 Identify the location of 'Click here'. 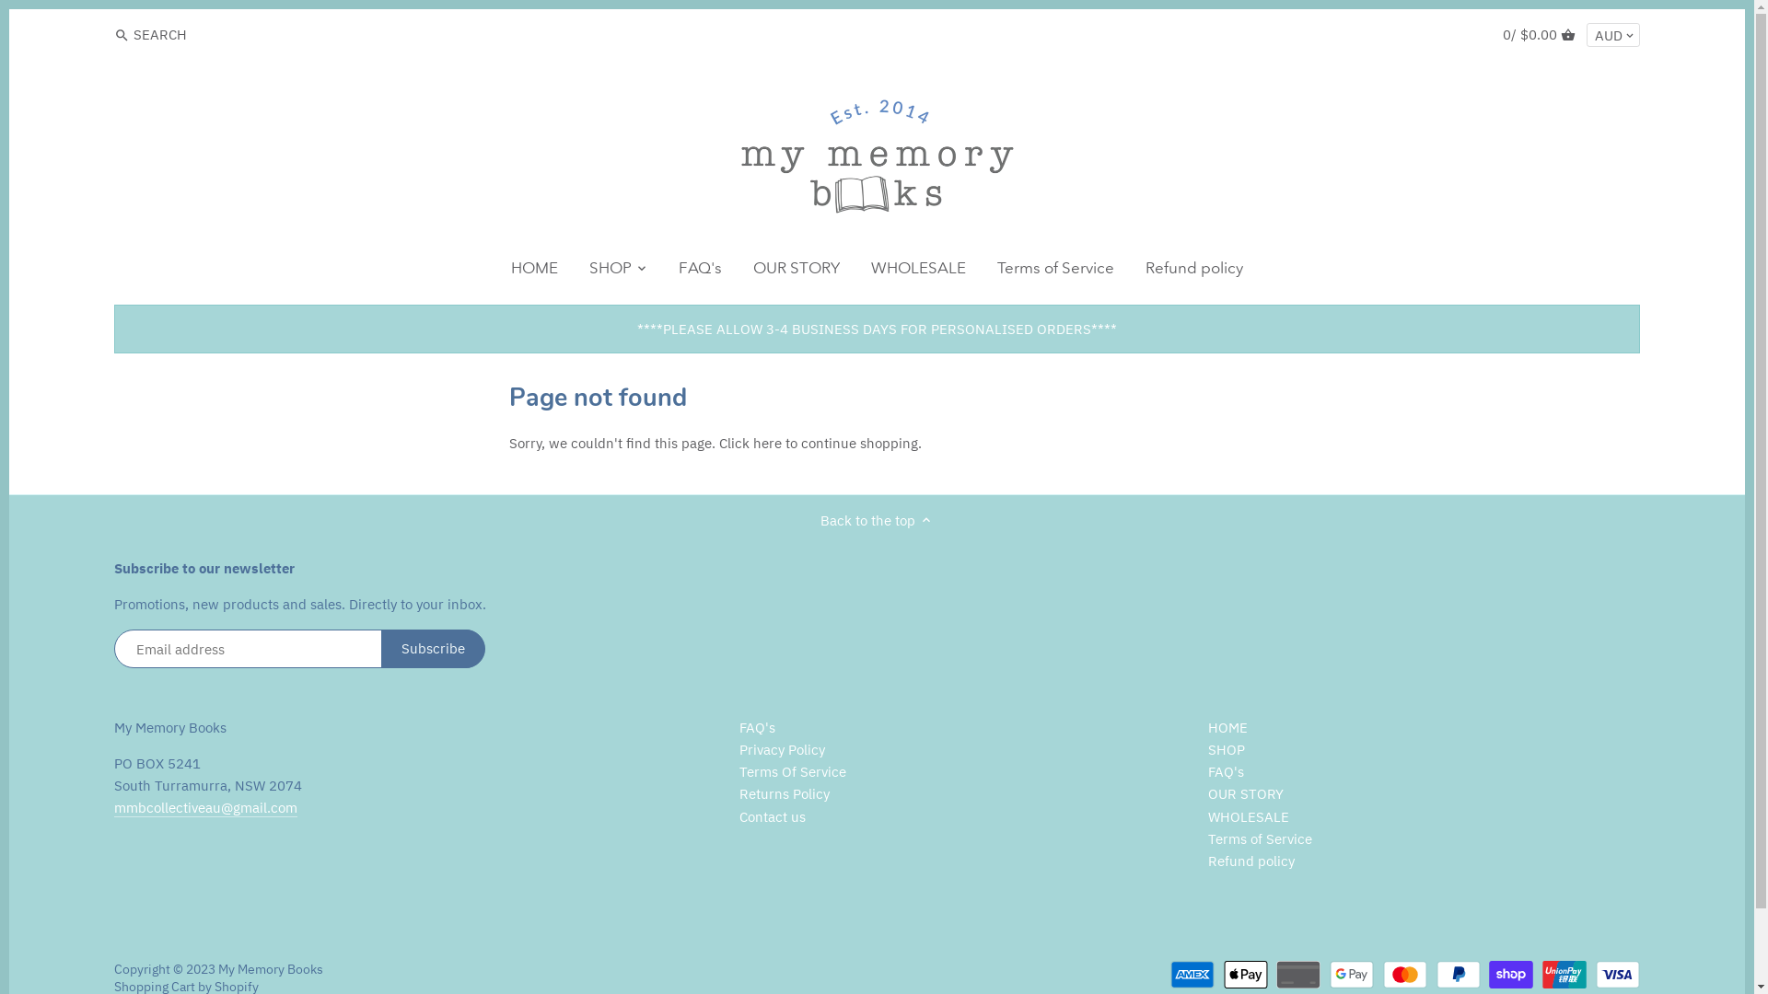
(750, 443).